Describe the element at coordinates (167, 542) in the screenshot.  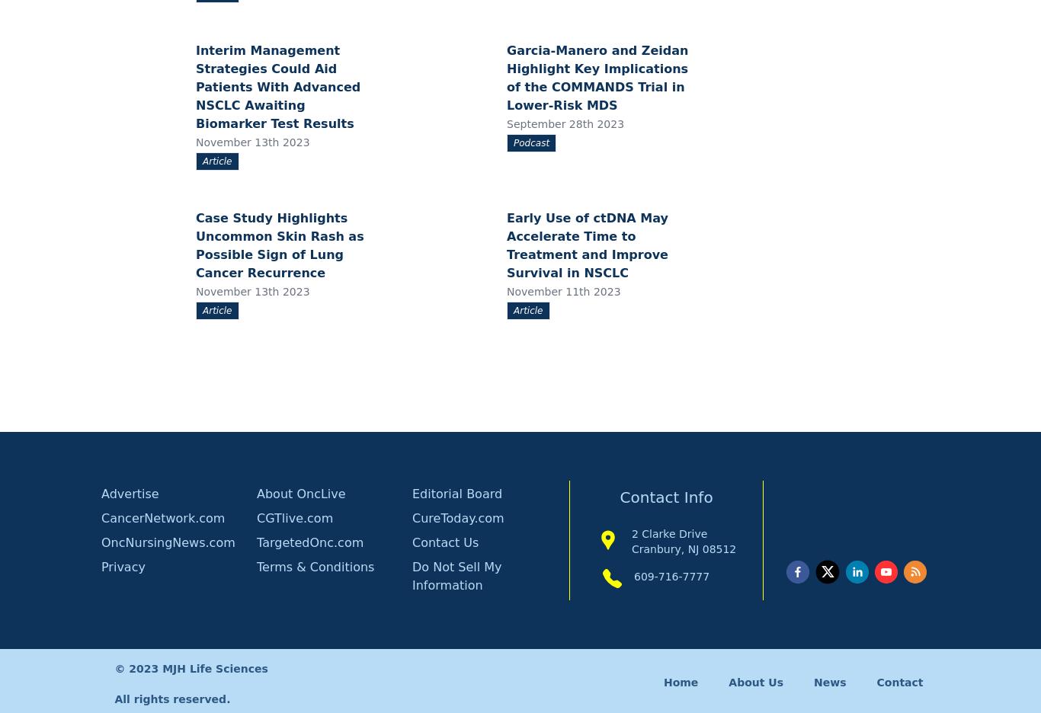
I see `'OncNursingNews.com'` at that location.